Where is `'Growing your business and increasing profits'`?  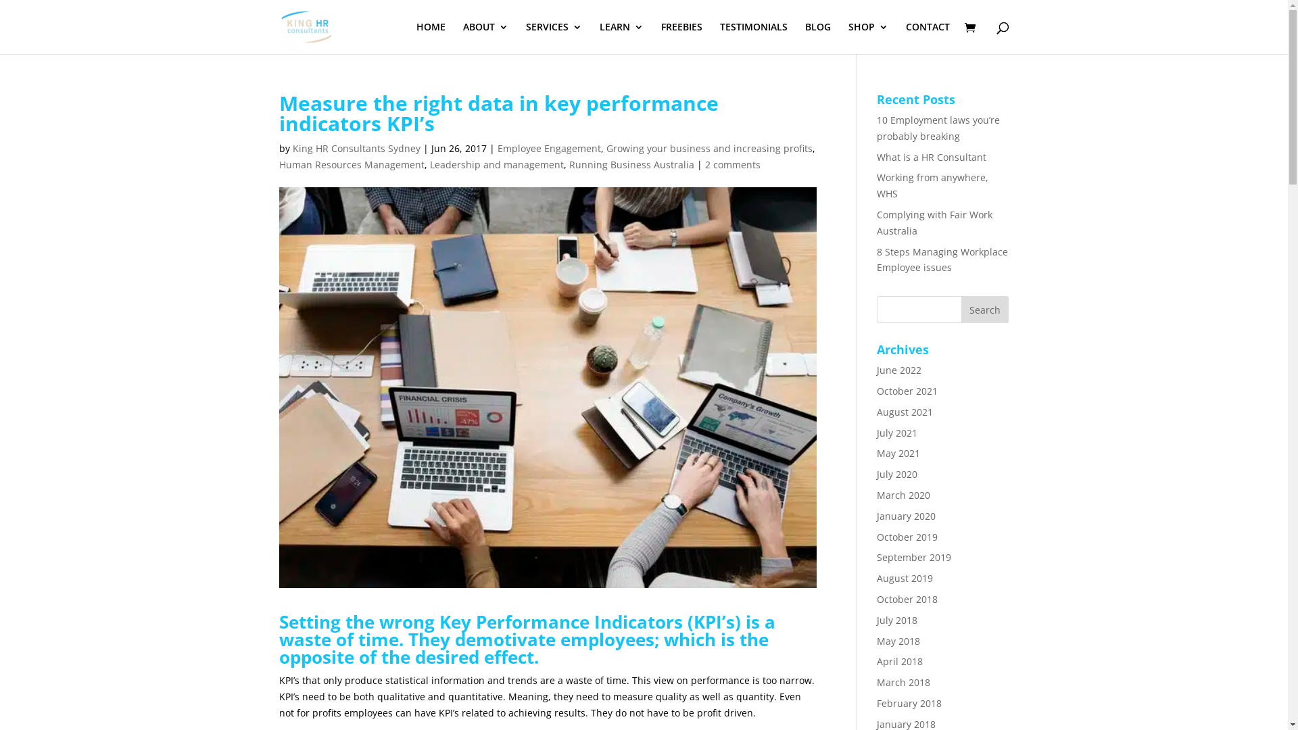 'Growing your business and increasing profits' is located at coordinates (708, 148).